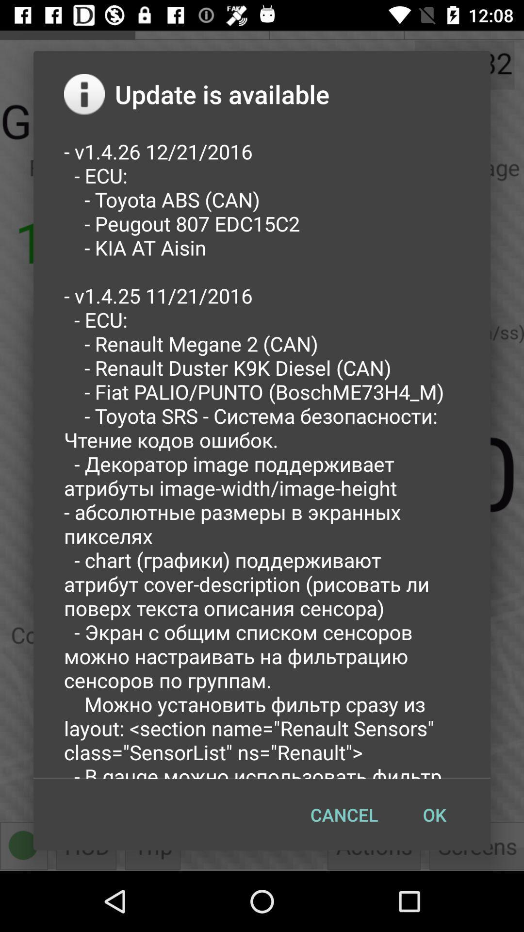 The height and width of the screenshot is (932, 524). I want to click on the cancel, so click(344, 815).